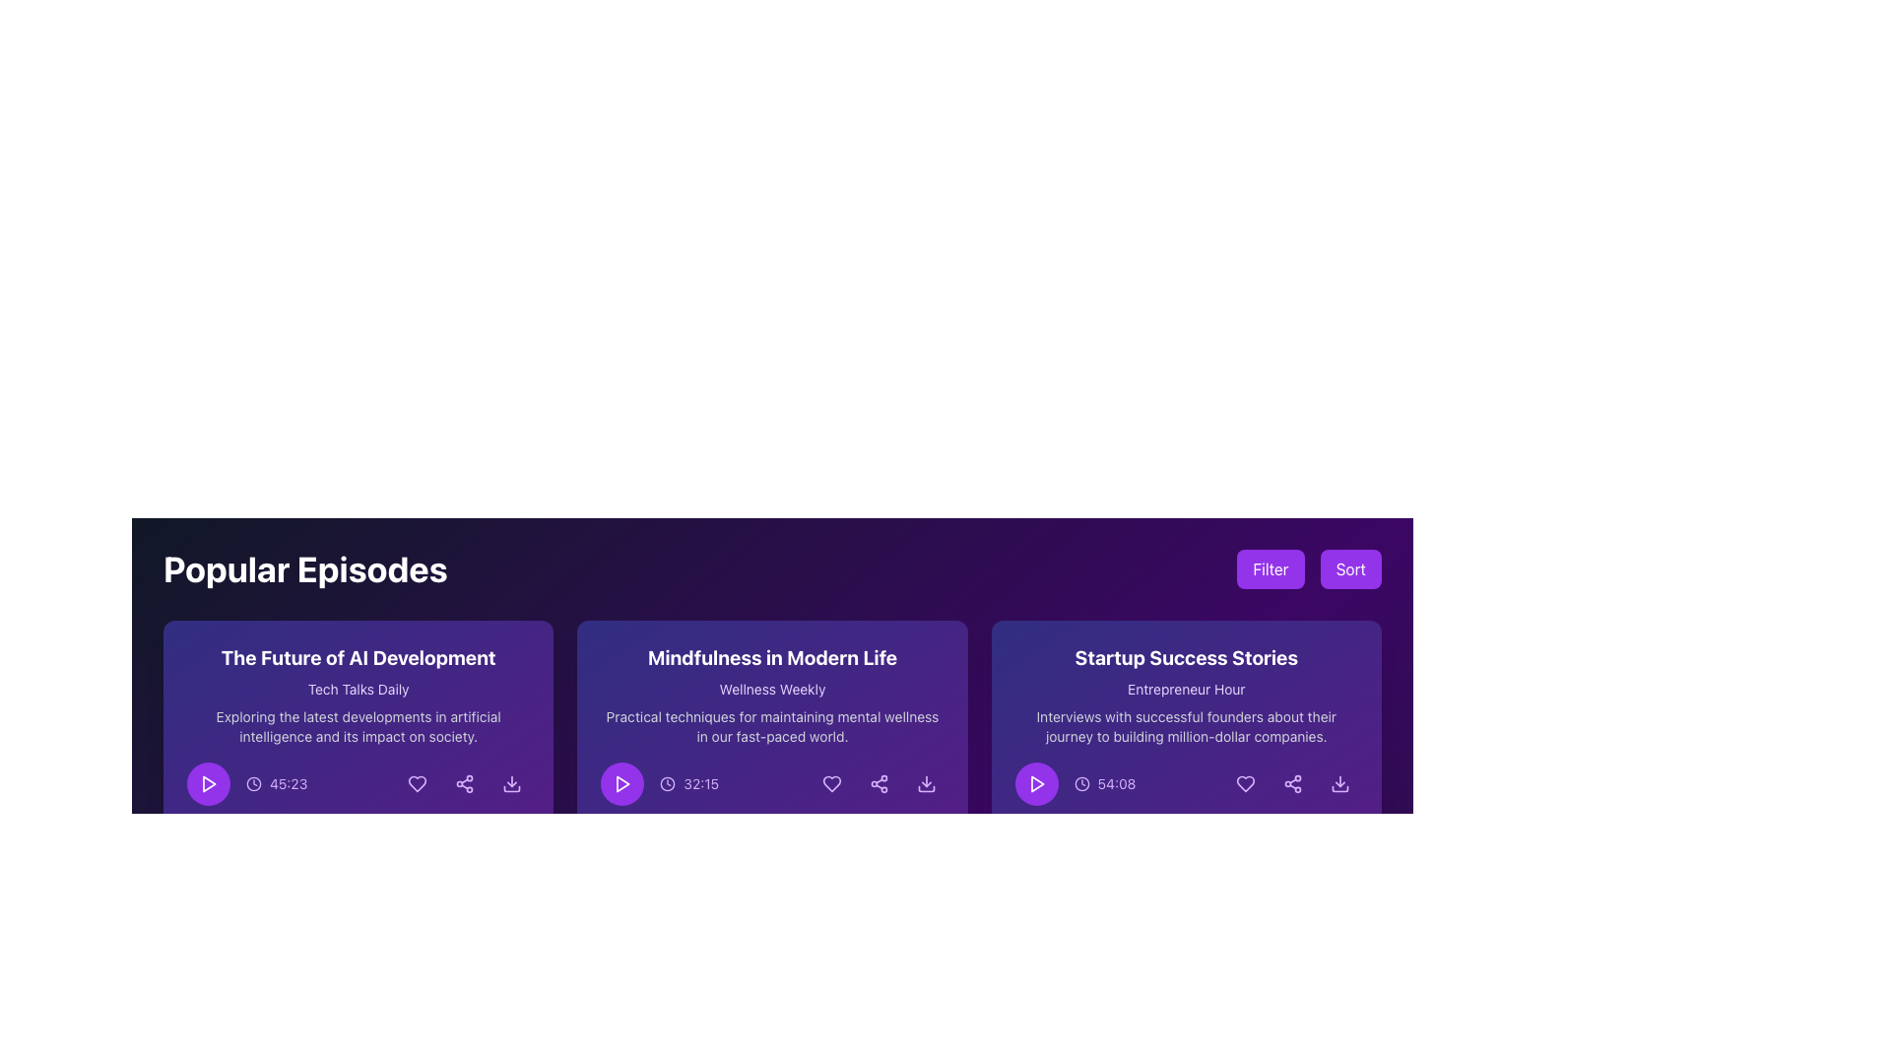  I want to click on the information displayed for the text element '892 listeners' styled with a purple hue, located in the second card of the podcast episode features, so click(771, 847).